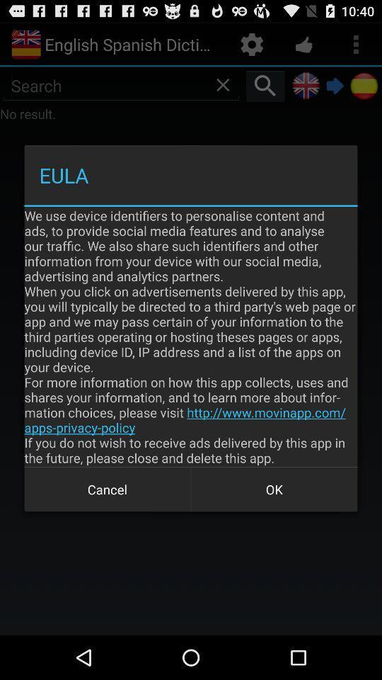 This screenshot has height=680, width=382. What do you see at coordinates (274, 489) in the screenshot?
I see `the app below the we use device icon` at bounding box center [274, 489].